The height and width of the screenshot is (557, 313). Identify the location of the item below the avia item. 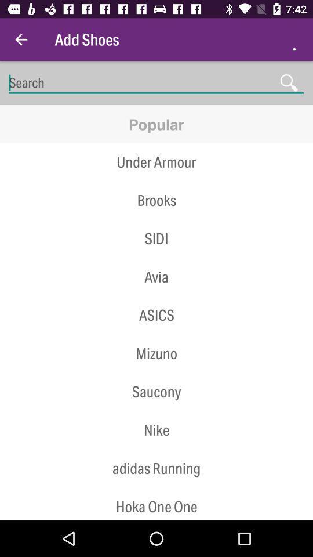
(156, 315).